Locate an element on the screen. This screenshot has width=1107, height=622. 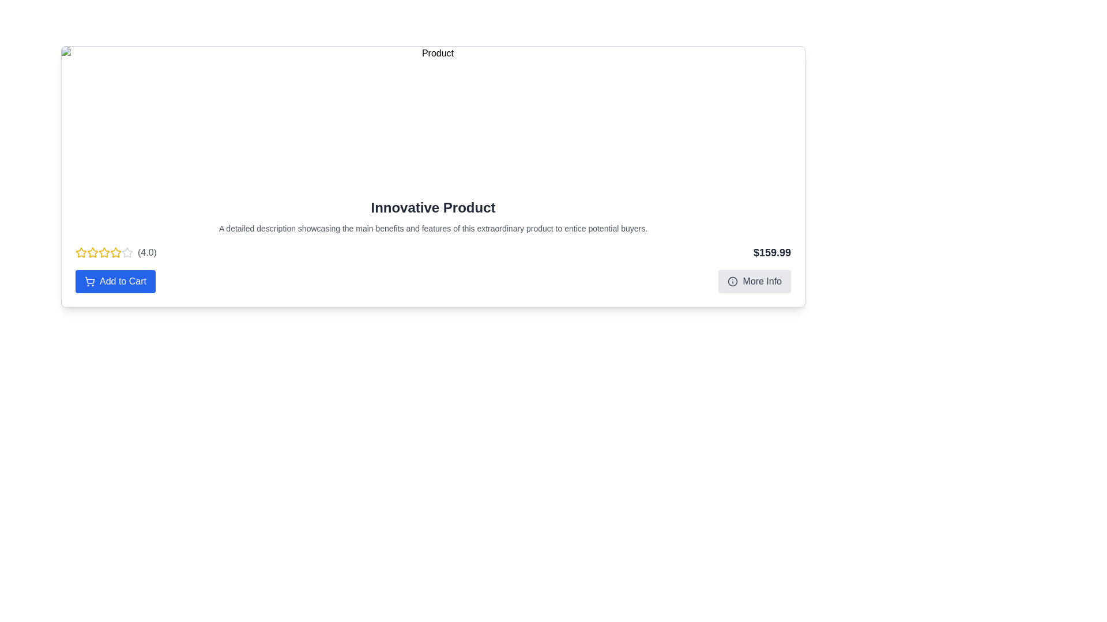
the fourth yellow star icon in the rating display to indicate a selected rating is located at coordinates (116, 252).